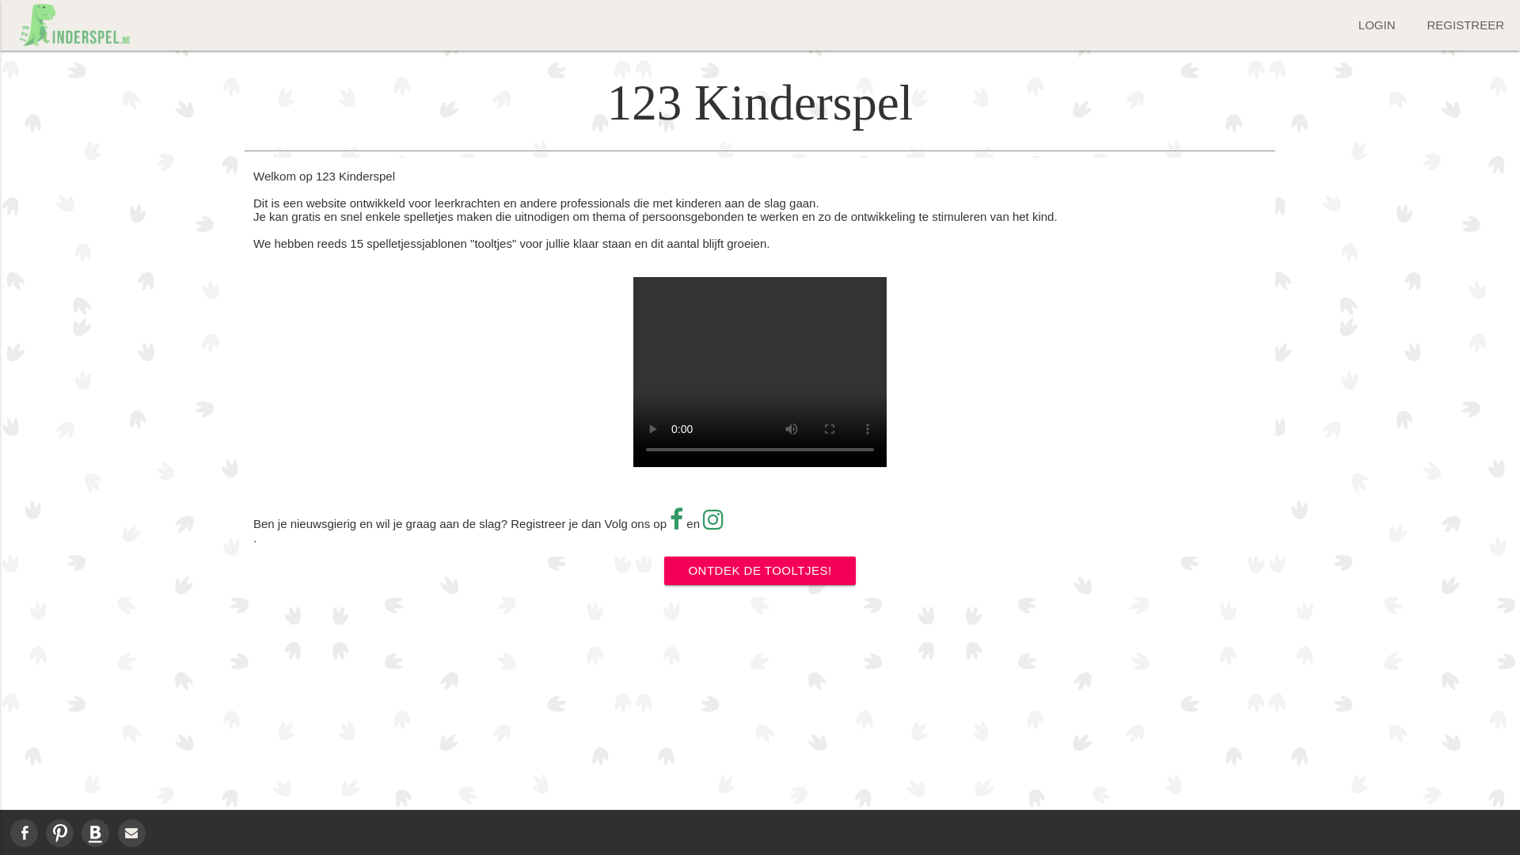  I want to click on 'pinterest', so click(59, 832).